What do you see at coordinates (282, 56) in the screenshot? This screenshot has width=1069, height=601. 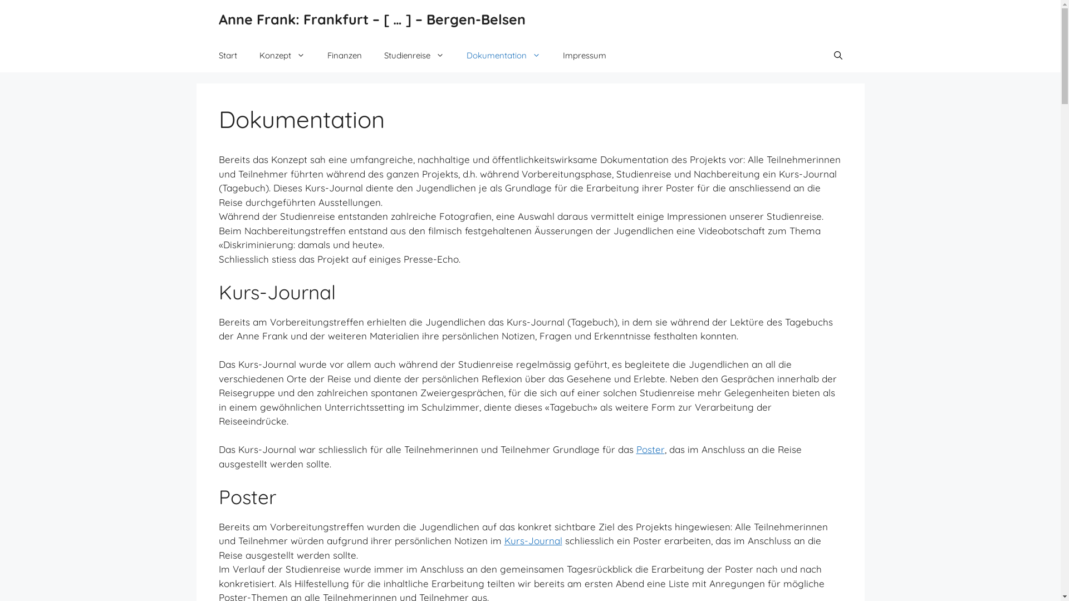 I see `'Konzept'` at bounding box center [282, 56].